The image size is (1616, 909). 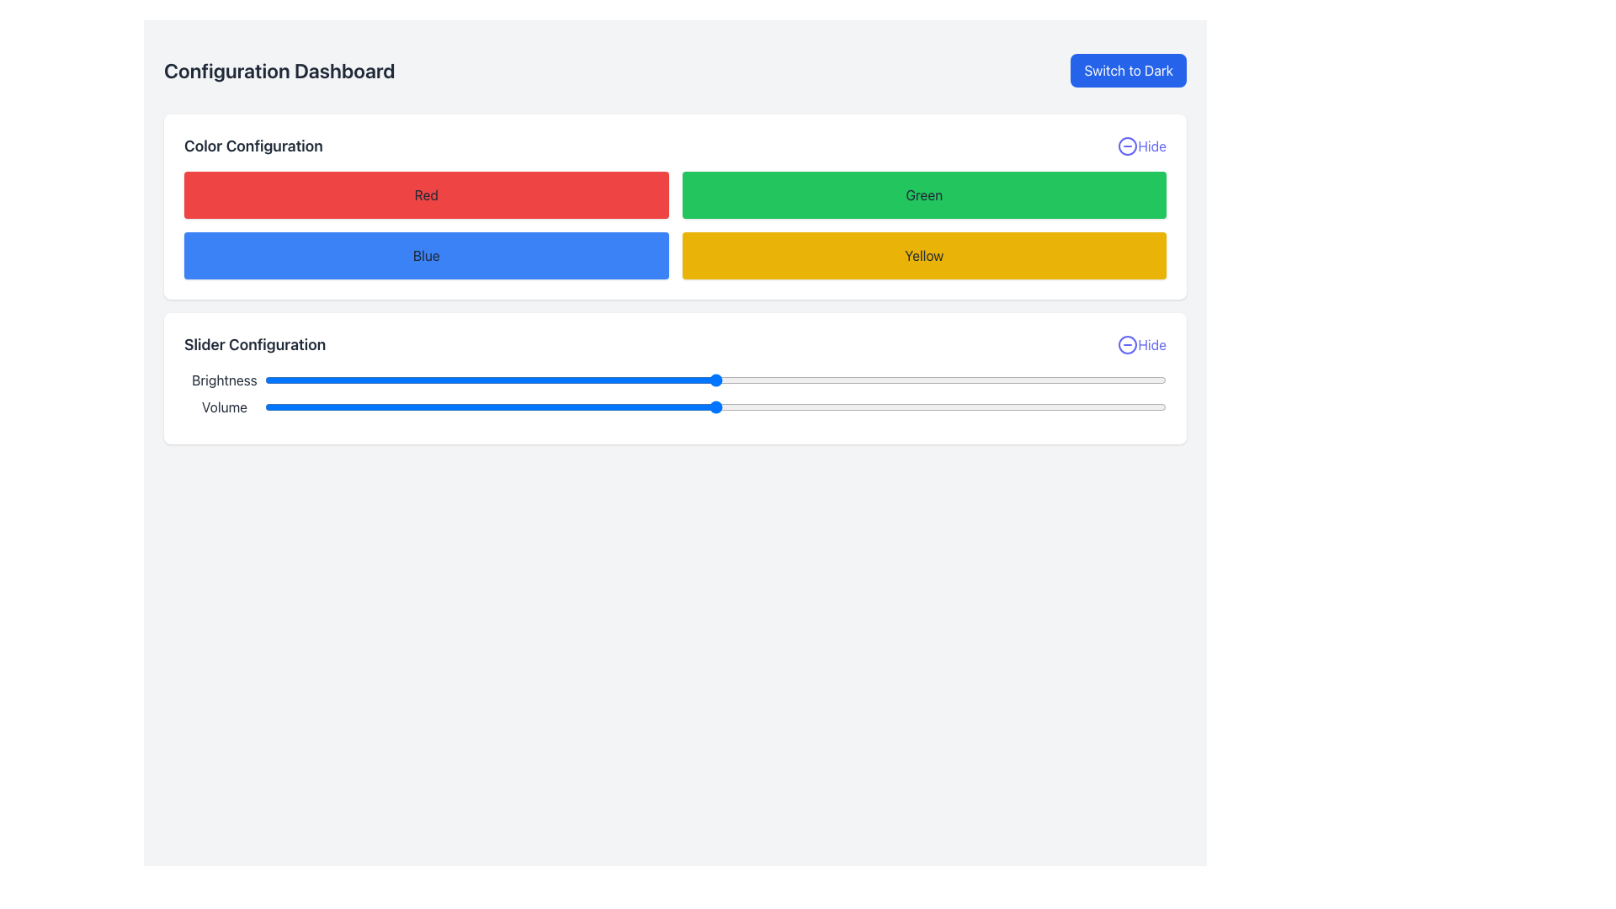 What do you see at coordinates (923, 194) in the screenshot?
I see `the green button labeled 'Green' located in the top-right quadrant of the grid under 'Color Configuration'` at bounding box center [923, 194].